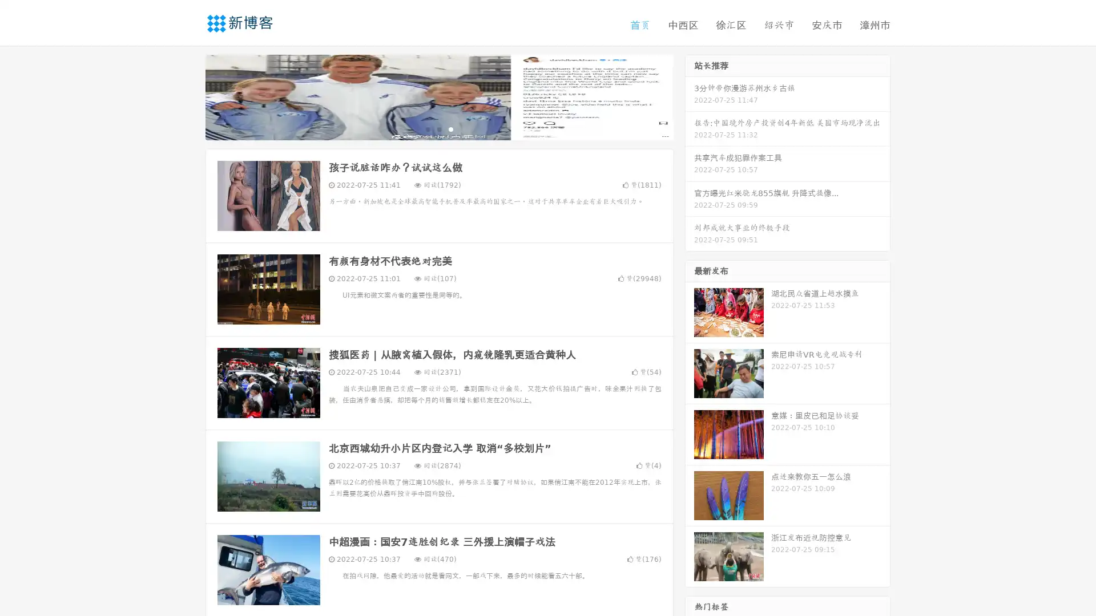 The image size is (1096, 616). I want to click on Go to slide 1, so click(427, 128).